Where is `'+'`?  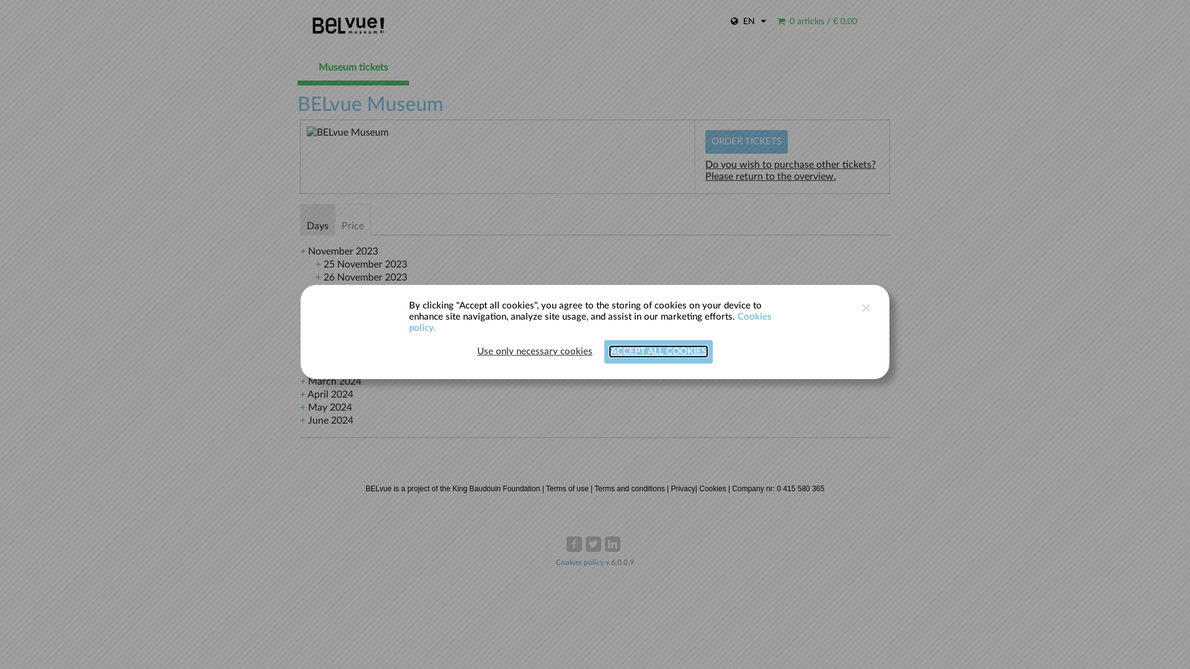
'+' is located at coordinates (318, 329).